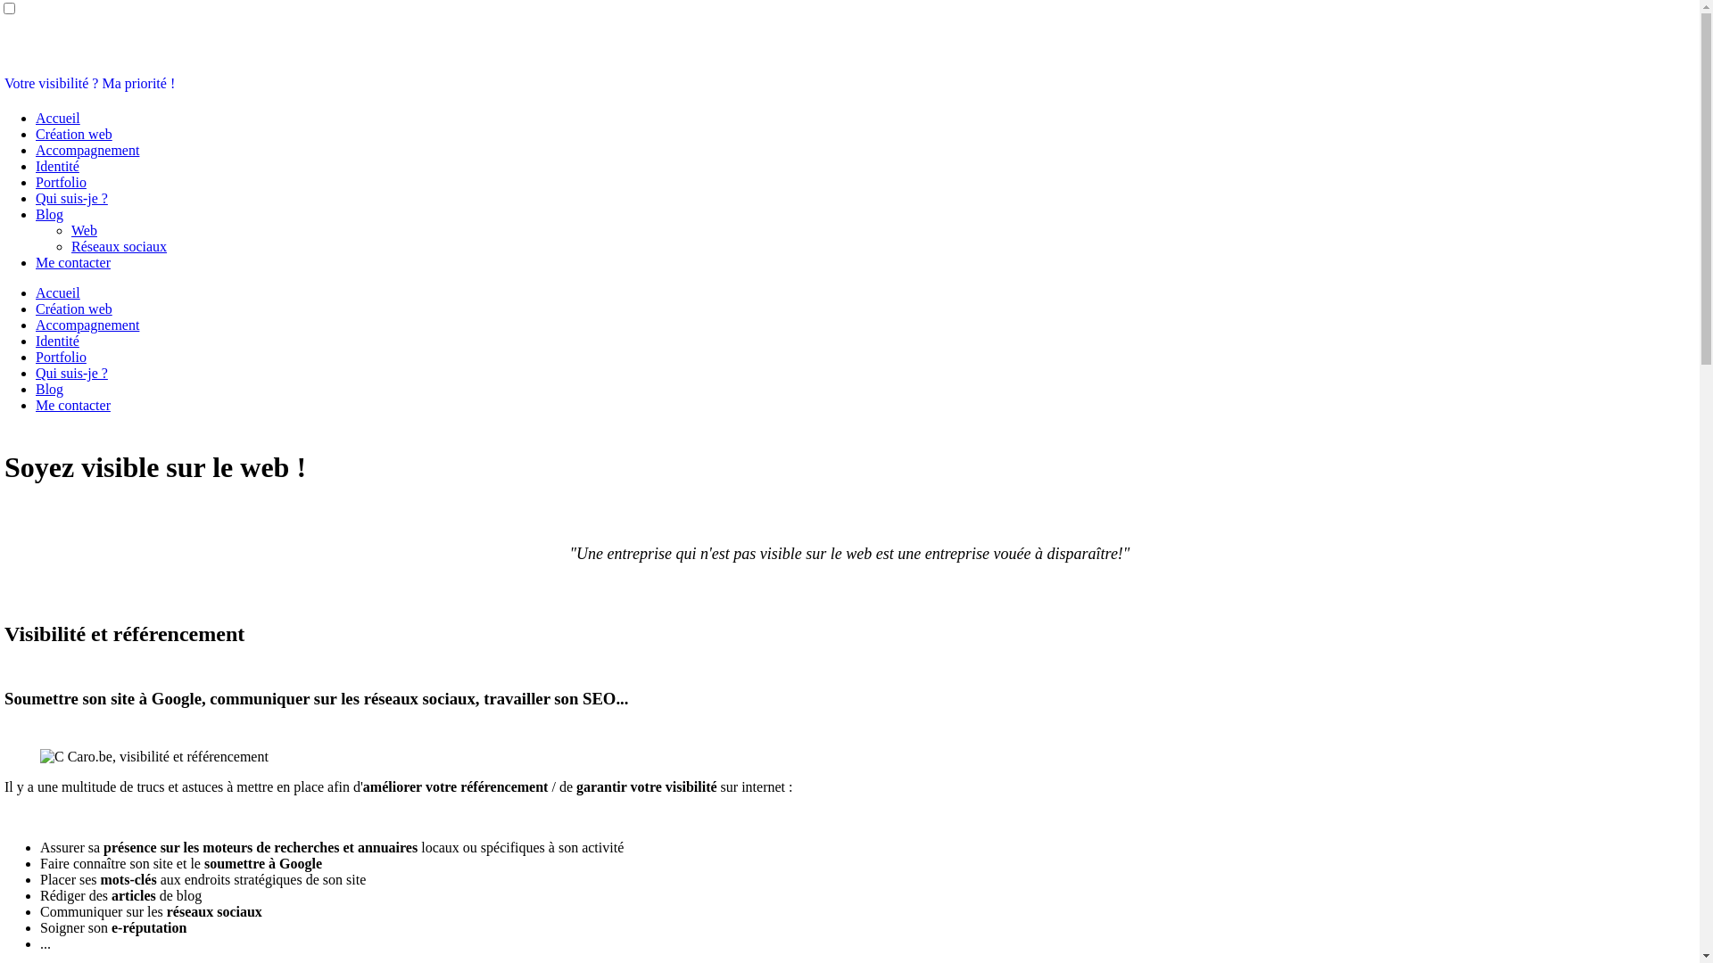 The height and width of the screenshot is (963, 1713). Describe the element at coordinates (71, 372) in the screenshot. I see `'Qui suis-je ?'` at that location.